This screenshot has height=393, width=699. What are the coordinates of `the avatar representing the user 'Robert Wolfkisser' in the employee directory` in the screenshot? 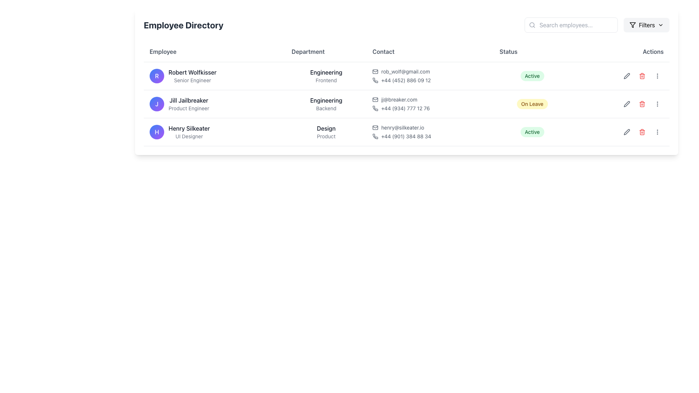 It's located at (157, 76).